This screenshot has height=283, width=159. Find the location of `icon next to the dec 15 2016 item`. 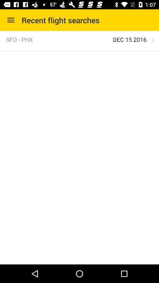

icon next to the dec 15 2016 item is located at coordinates (153, 40).